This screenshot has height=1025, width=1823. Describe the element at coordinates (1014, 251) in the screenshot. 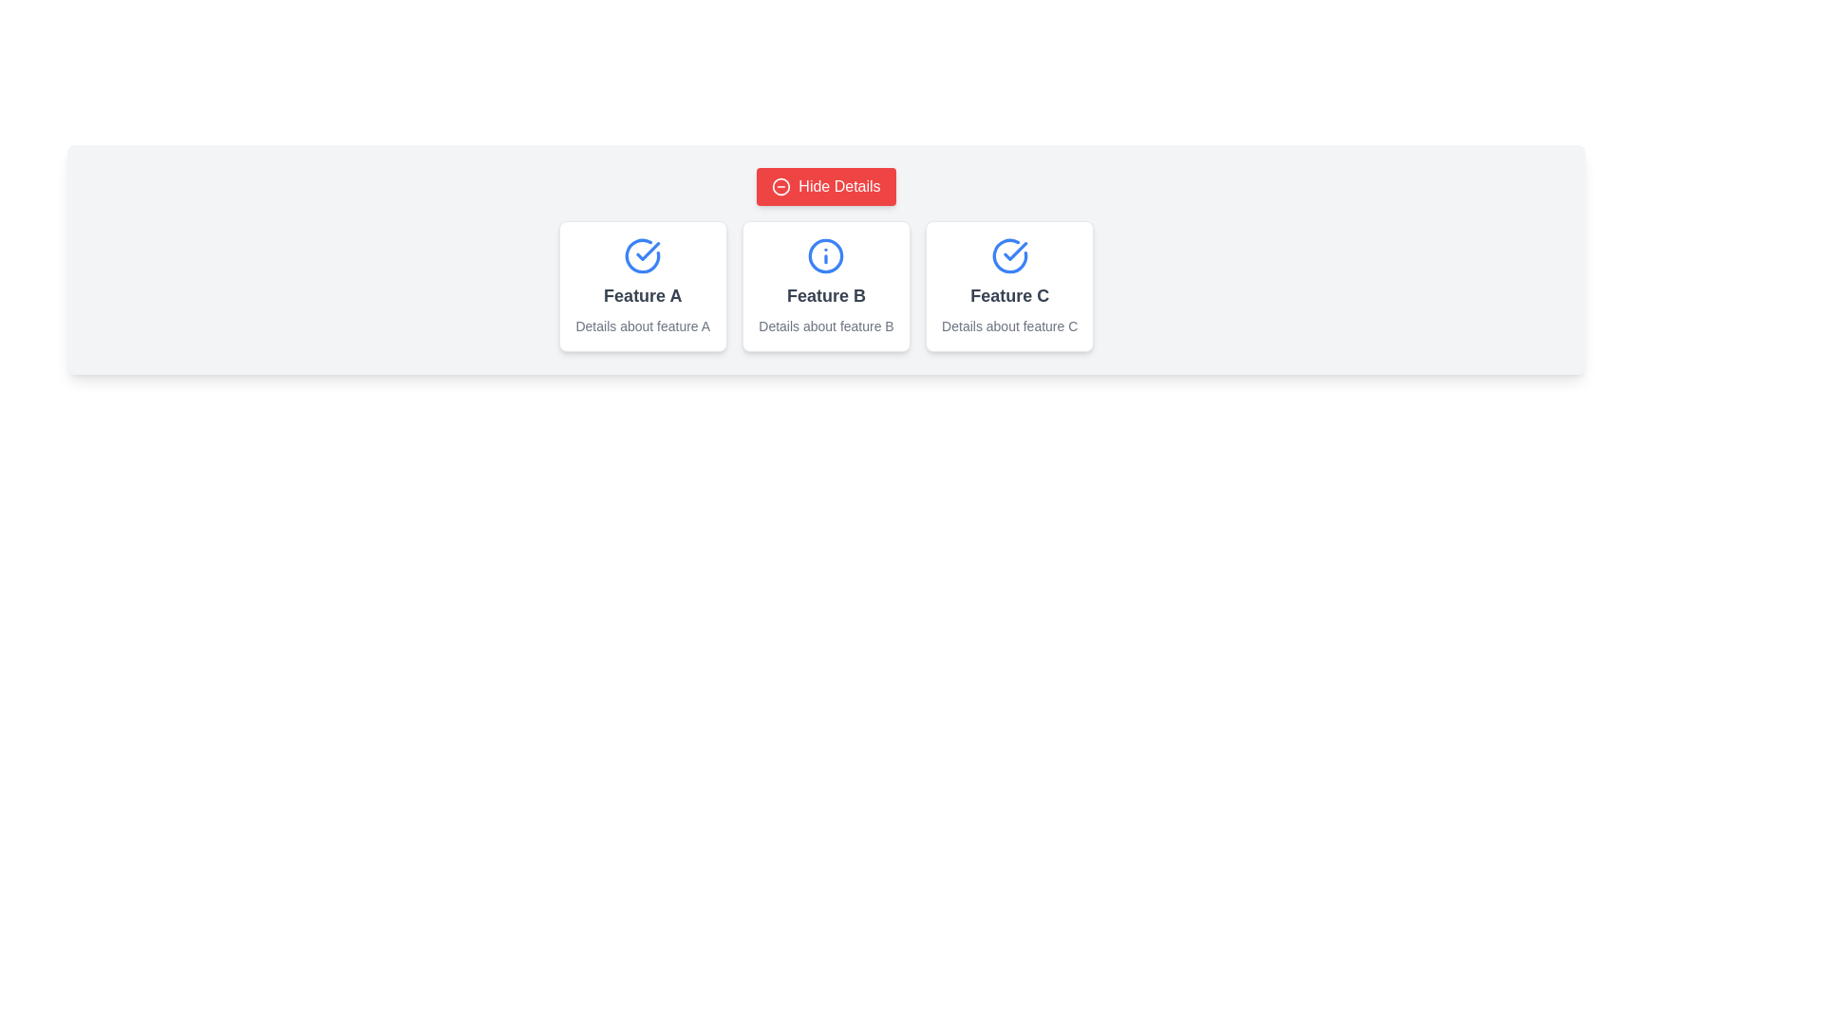

I see `the blue-bordered checkmark icon located in the center of the card labeled 'Feature A'` at that location.